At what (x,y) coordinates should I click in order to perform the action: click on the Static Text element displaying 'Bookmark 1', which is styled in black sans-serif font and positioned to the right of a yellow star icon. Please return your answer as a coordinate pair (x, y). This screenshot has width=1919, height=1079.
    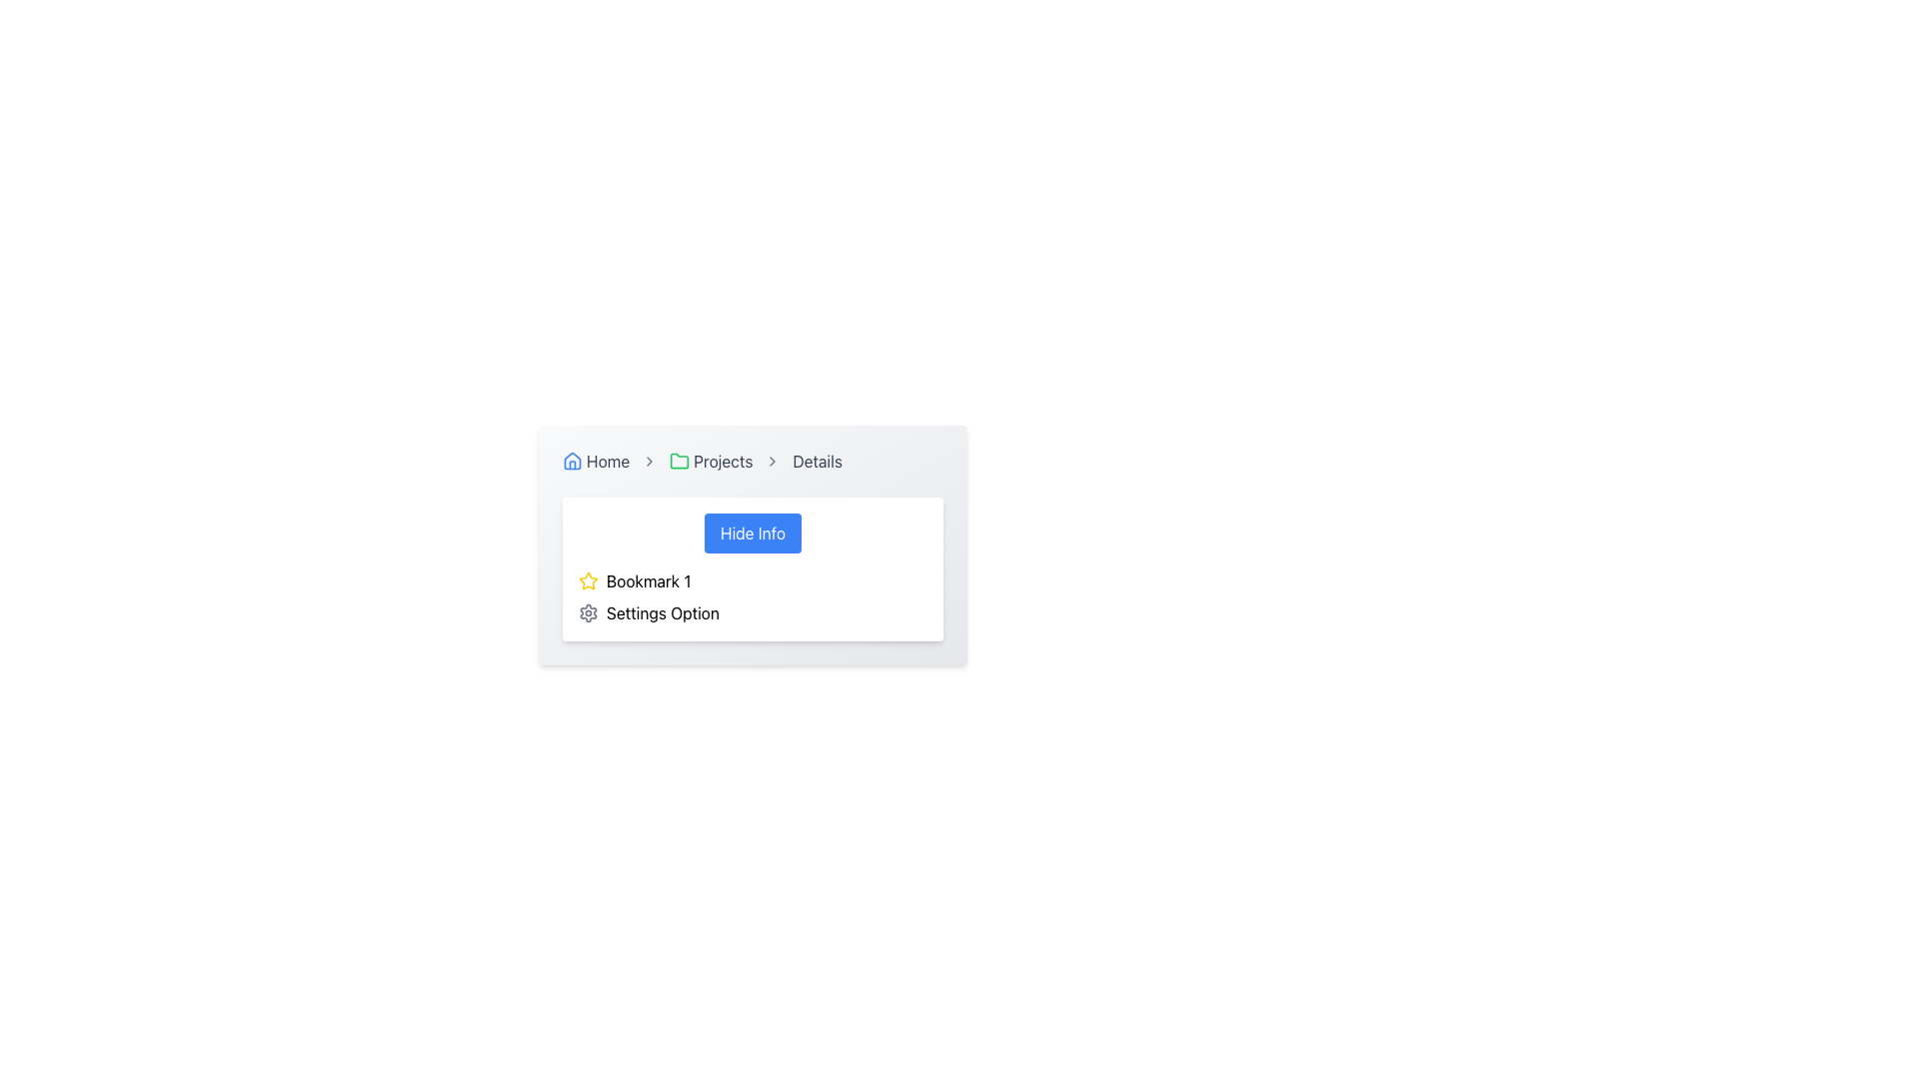
    Looking at the image, I should click on (649, 581).